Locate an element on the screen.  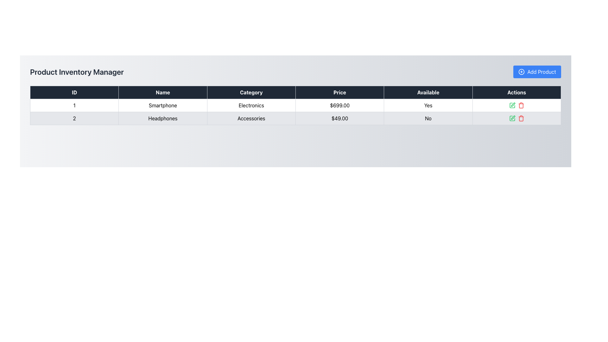
the small green pencil icon located in the 'Actions' column of the second row in the product inventory table is located at coordinates (513, 104).